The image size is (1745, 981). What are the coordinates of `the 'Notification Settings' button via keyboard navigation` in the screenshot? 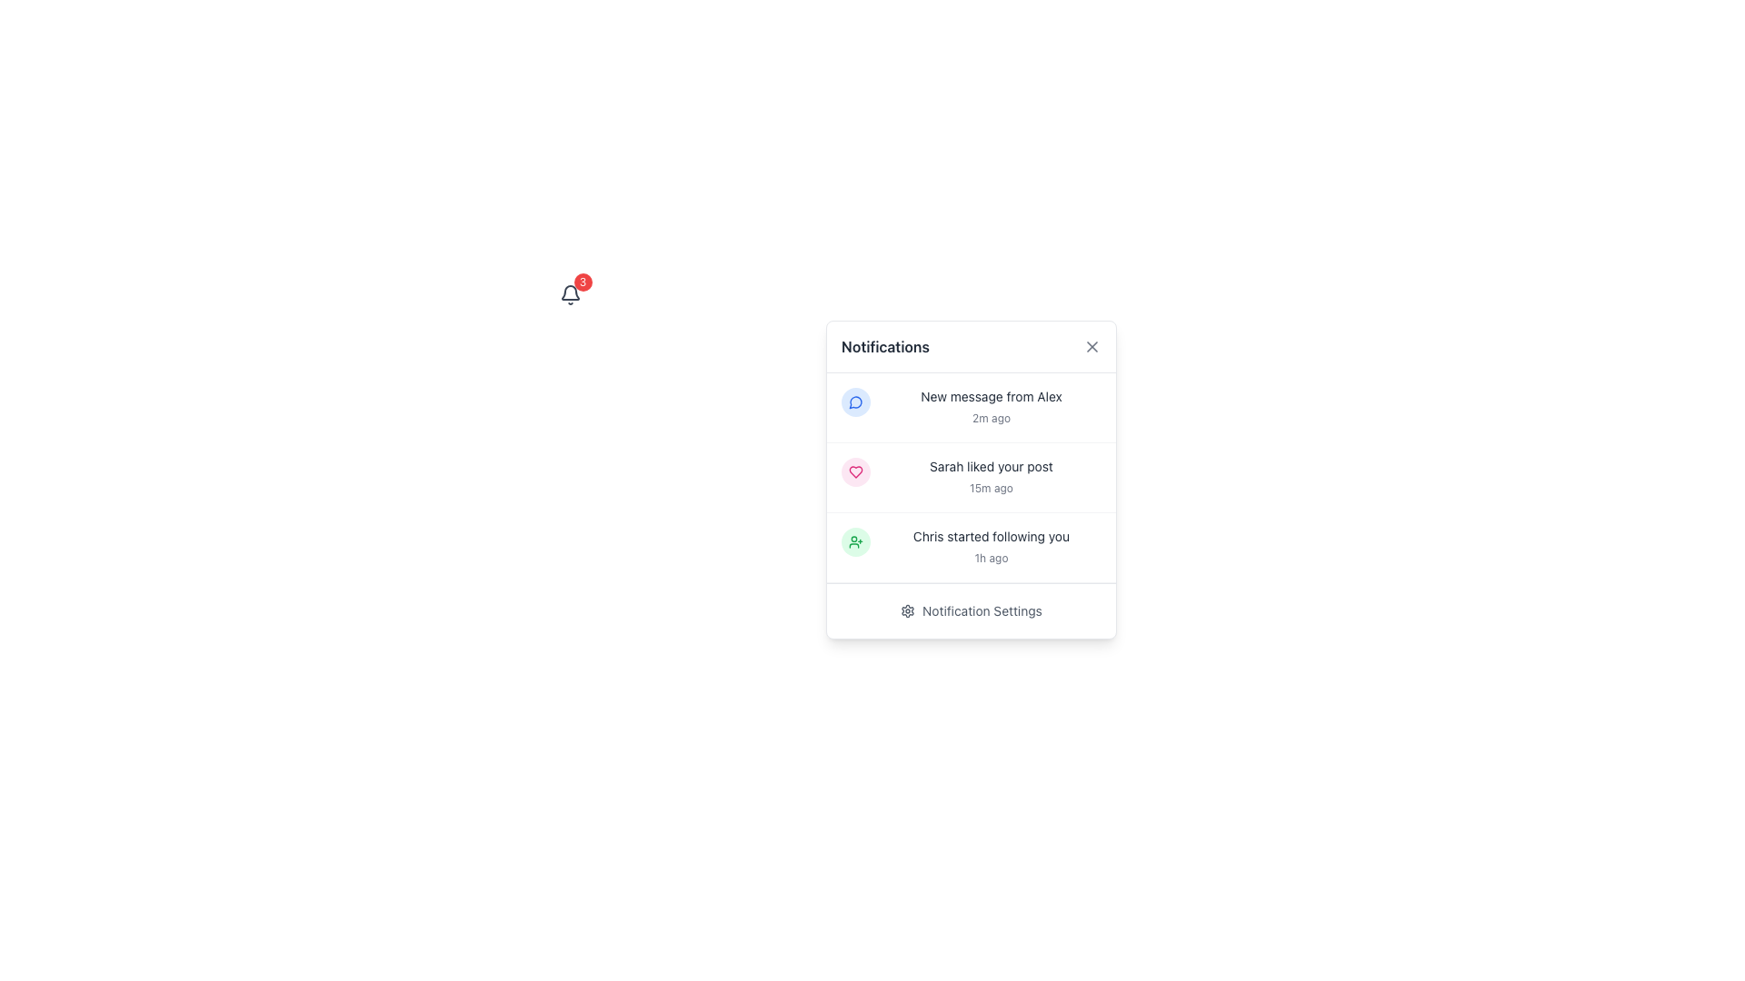 It's located at (971, 610).